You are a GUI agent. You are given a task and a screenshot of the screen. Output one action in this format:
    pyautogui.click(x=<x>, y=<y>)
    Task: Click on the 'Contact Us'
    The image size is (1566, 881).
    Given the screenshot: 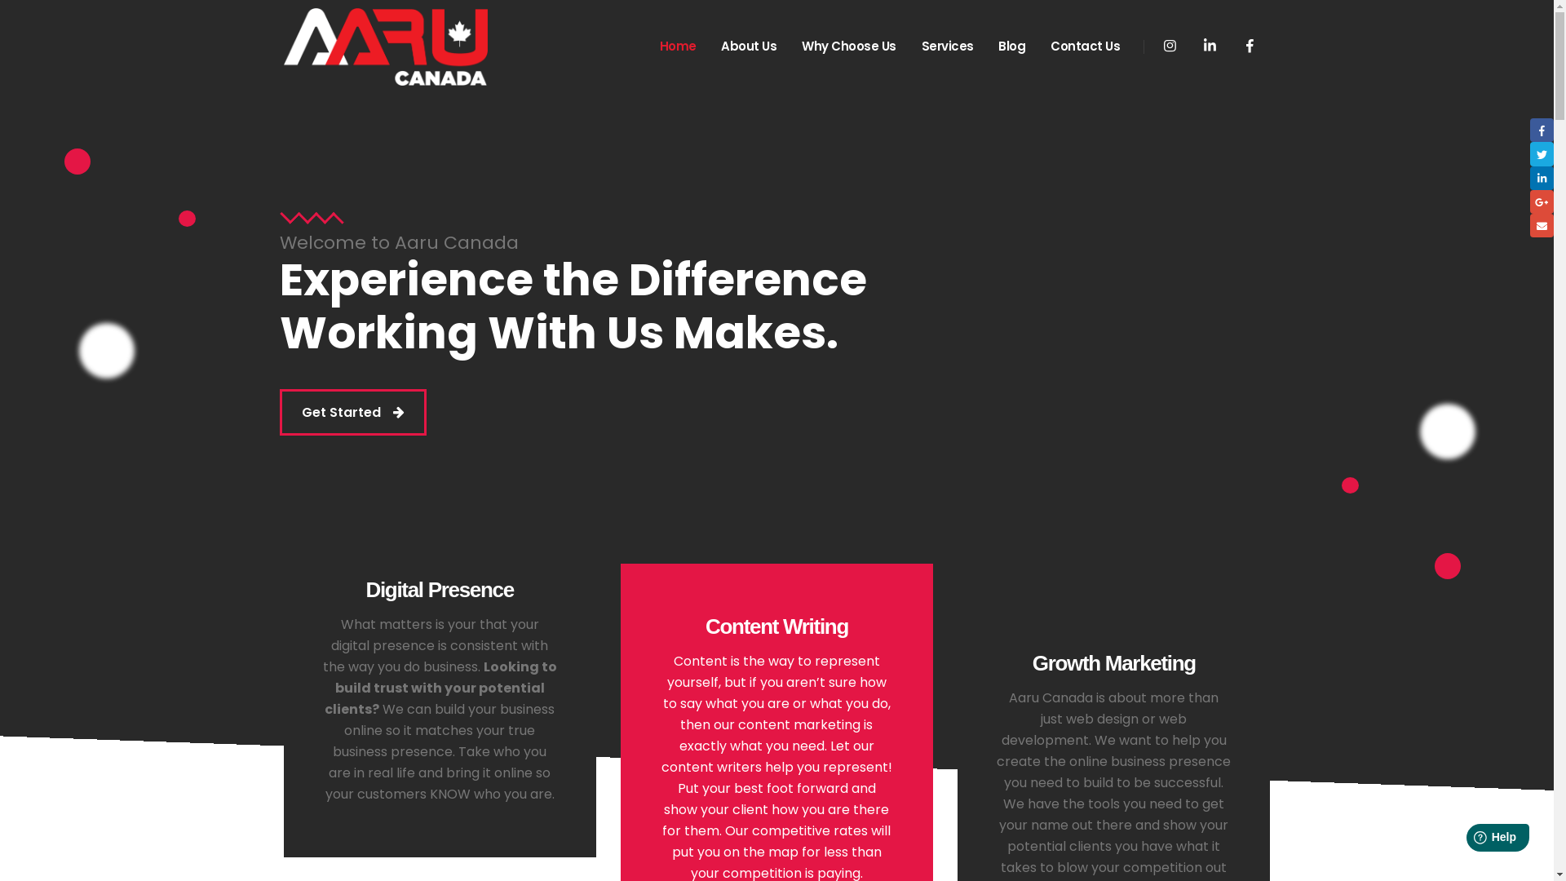 What is the action you would take?
    pyautogui.click(x=1085, y=46)
    